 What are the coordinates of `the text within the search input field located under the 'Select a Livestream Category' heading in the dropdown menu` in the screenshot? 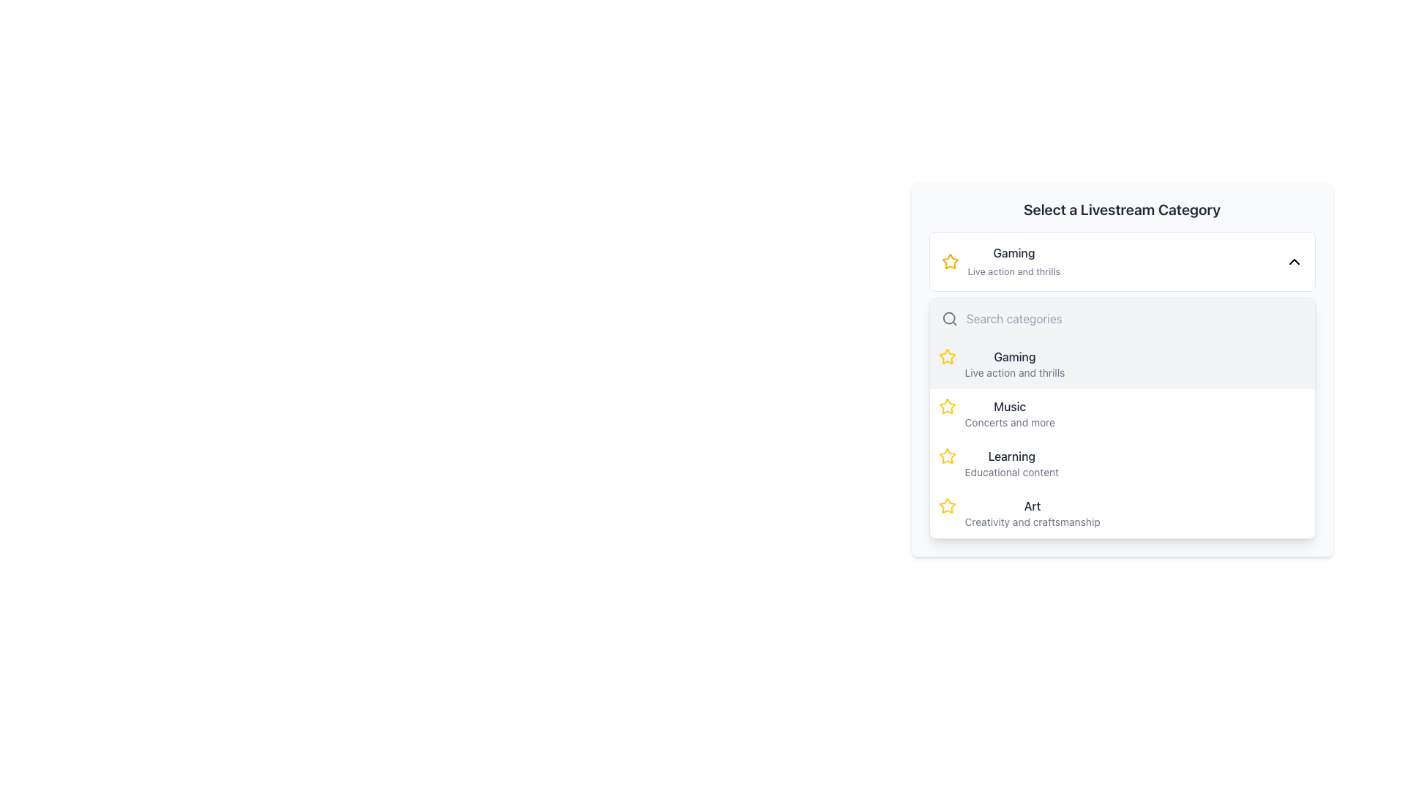 It's located at (1121, 317).